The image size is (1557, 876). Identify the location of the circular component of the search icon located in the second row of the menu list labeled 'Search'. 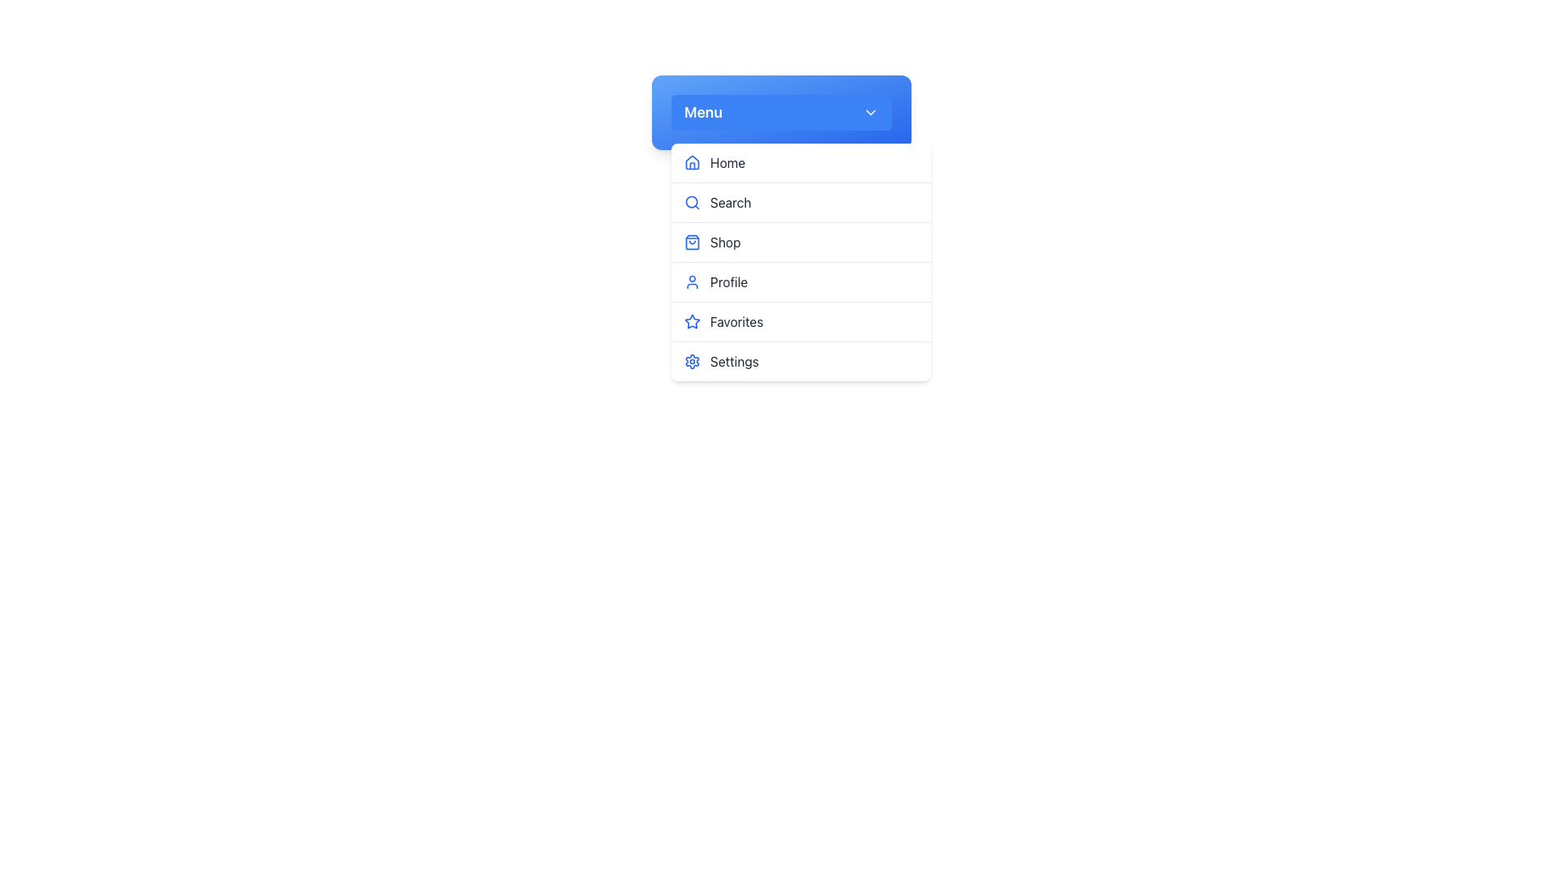
(692, 201).